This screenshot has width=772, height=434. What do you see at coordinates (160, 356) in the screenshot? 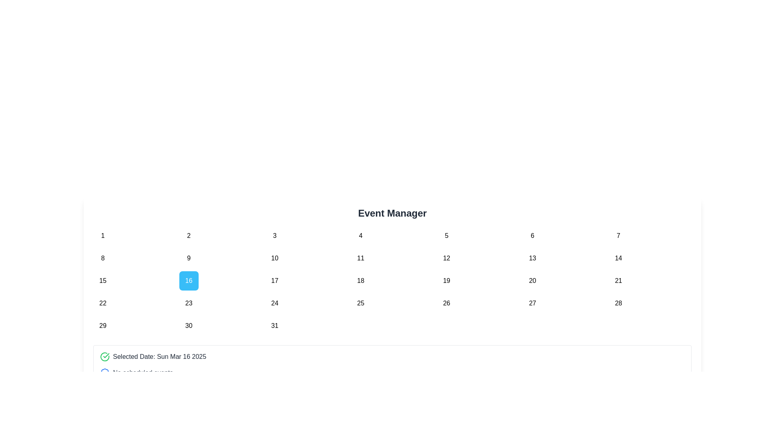
I see `the text label displaying 'Selected Date: Sun Mar 16 2025', which is positioned to the right of a green check icon` at bounding box center [160, 356].